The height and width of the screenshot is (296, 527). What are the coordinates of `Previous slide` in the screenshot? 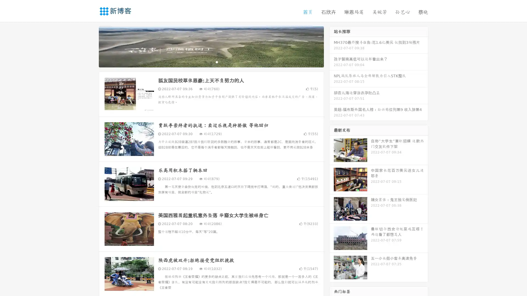 It's located at (91, 46).